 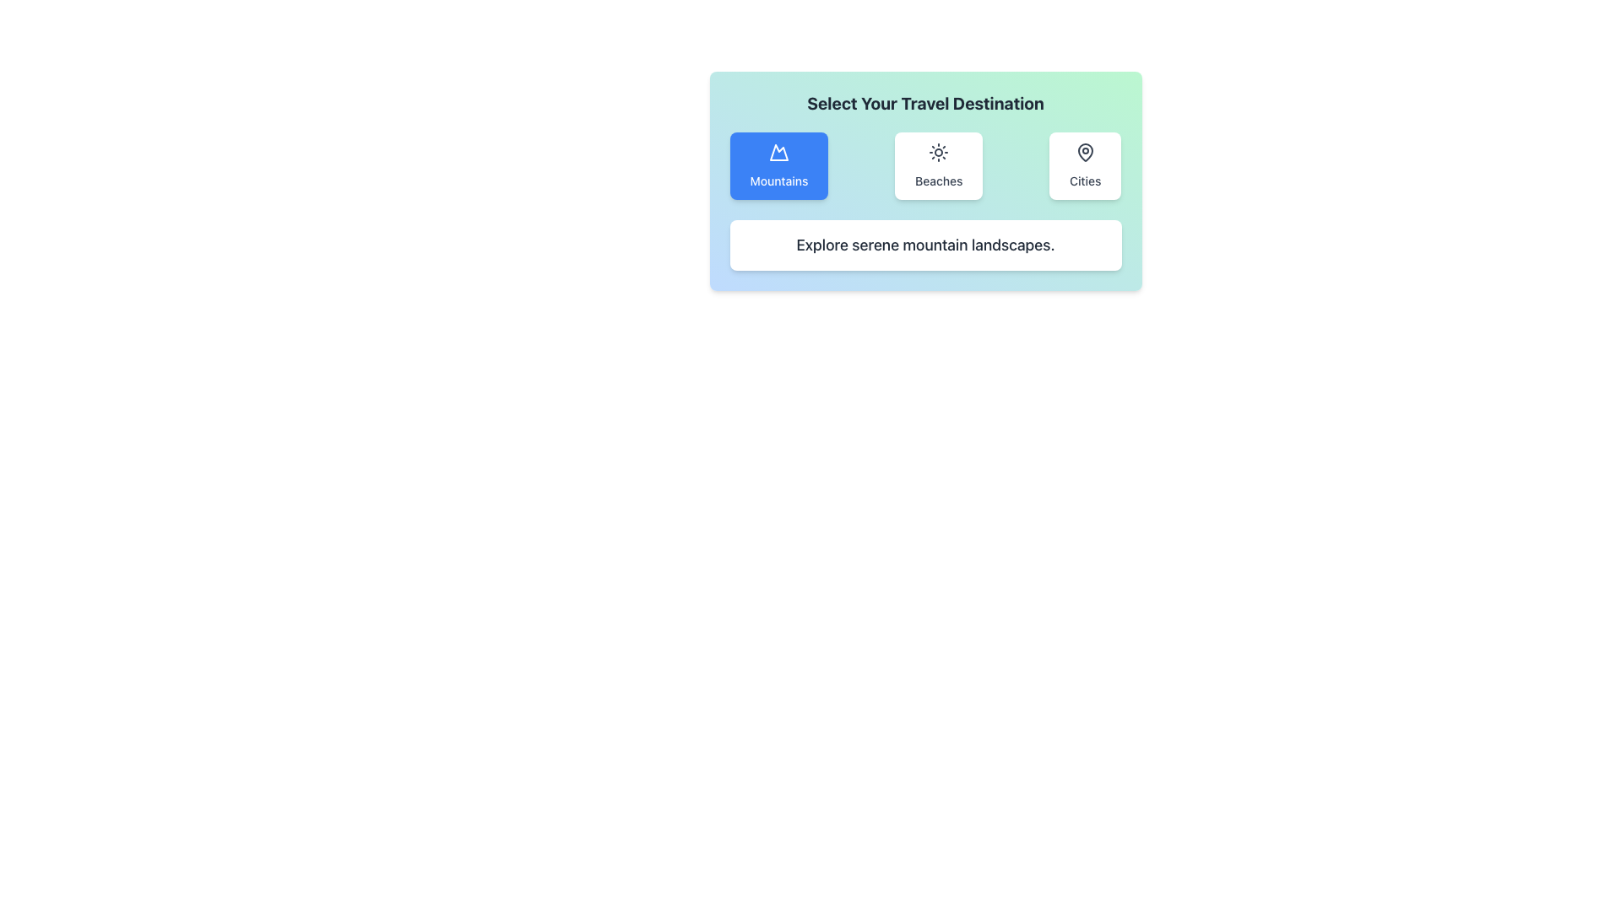 What do you see at coordinates (778, 165) in the screenshot?
I see `the first button labeled 'Mountains' in the horizontal group of travel destination preference buttons` at bounding box center [778, 165].